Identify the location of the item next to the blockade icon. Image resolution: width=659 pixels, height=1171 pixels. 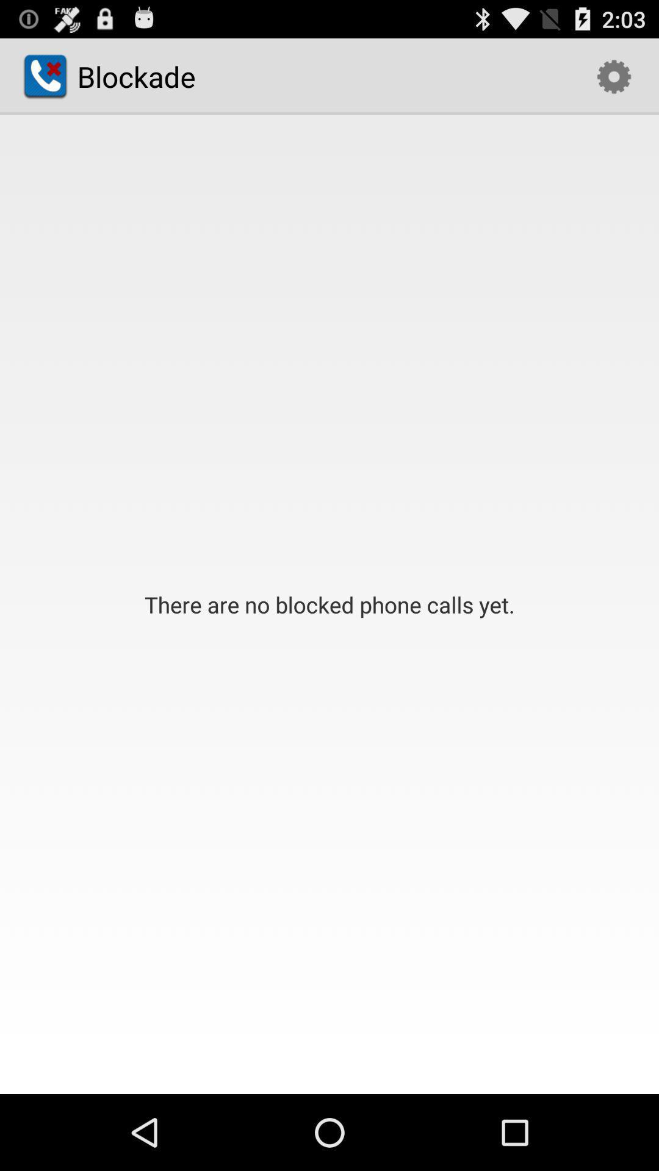
(614, 76).